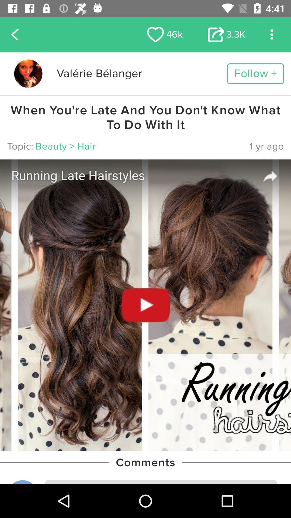 This screenshot has height=518, width=291. I want to click on the more icon, so click(272, 34).